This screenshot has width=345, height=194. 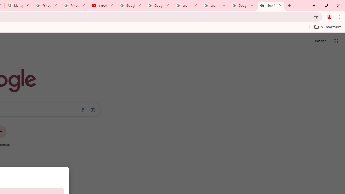 I want to click on 'New Tab', so click(x=271, y=5).